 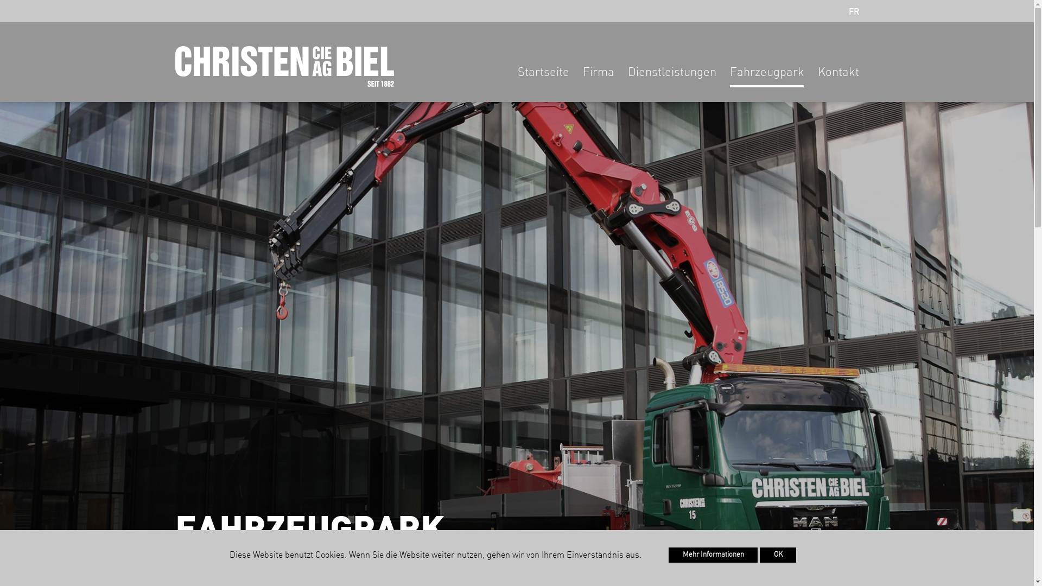 I want to click on 'Fahrzeugpark', so click(x=766, y=77).